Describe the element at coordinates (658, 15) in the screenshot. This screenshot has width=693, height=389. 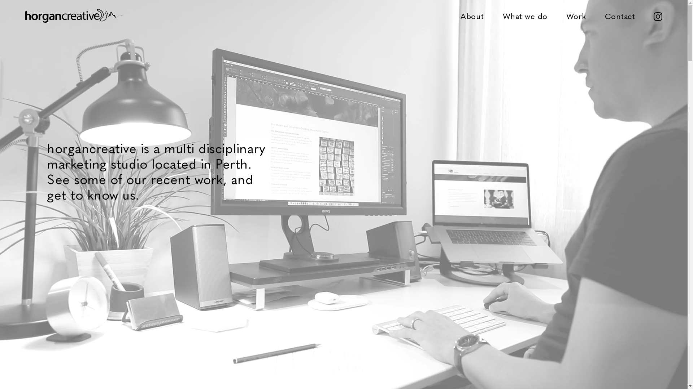
I see `'Instagram'` at that location.